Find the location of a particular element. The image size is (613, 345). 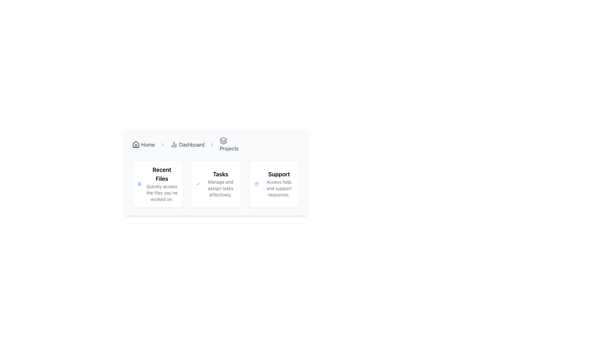

the circular icon element that serves as an indicator within the graphical representation of a message or tooltip is located at coordinates (256, 184).